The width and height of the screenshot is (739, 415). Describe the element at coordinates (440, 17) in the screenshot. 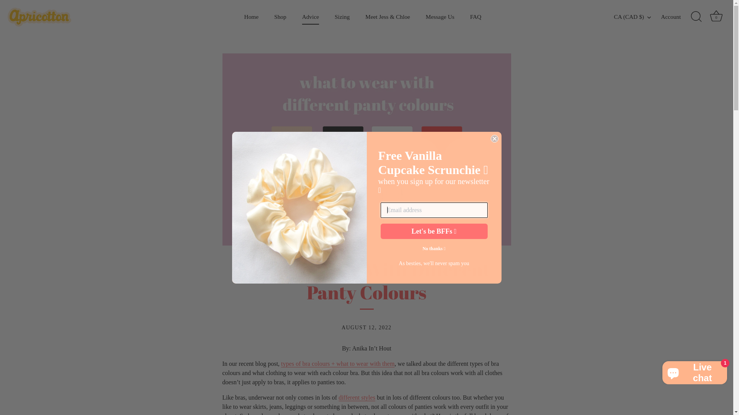

I see `'Message Us'` at that location.